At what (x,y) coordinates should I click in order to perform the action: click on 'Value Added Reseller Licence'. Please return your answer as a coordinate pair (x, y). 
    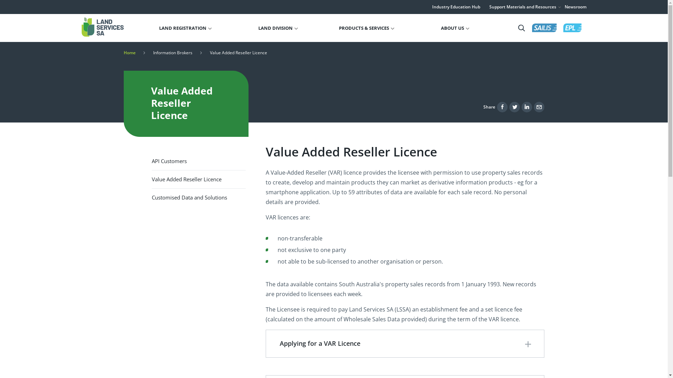
    Looking at the image, I should click on (151, 179).